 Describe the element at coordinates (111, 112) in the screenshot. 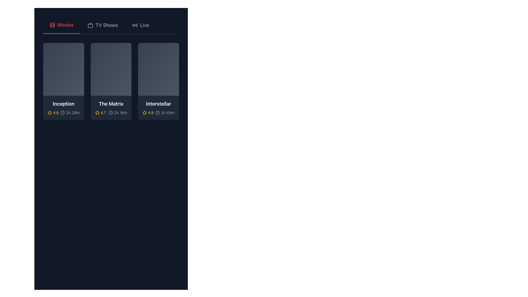

I see `the time icon representing the movie 'The Matrix', located to the left of the runtime text '2h 16m' and right of the star rating` at that location.